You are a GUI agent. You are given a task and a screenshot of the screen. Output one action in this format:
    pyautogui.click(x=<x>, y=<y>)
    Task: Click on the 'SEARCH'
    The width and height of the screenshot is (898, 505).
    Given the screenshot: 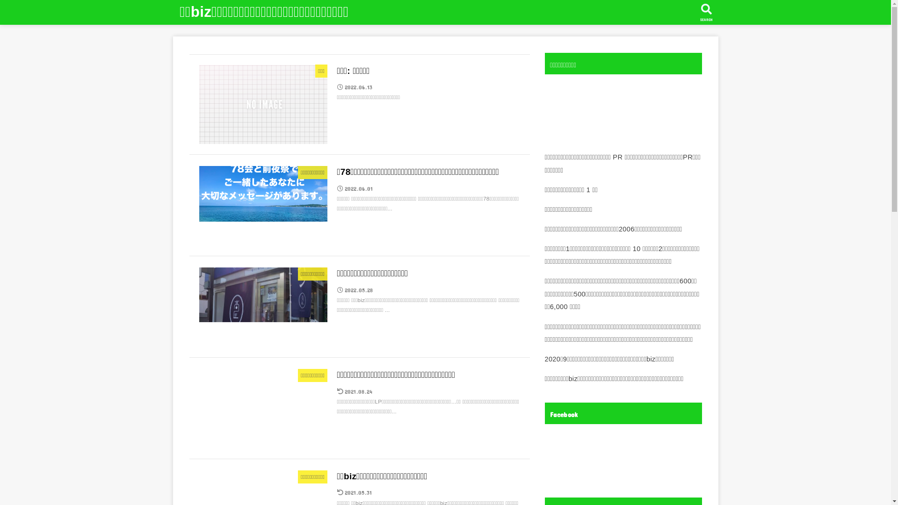 What is the action you would take?
    pyautogui.click(x=706, y=12)
    